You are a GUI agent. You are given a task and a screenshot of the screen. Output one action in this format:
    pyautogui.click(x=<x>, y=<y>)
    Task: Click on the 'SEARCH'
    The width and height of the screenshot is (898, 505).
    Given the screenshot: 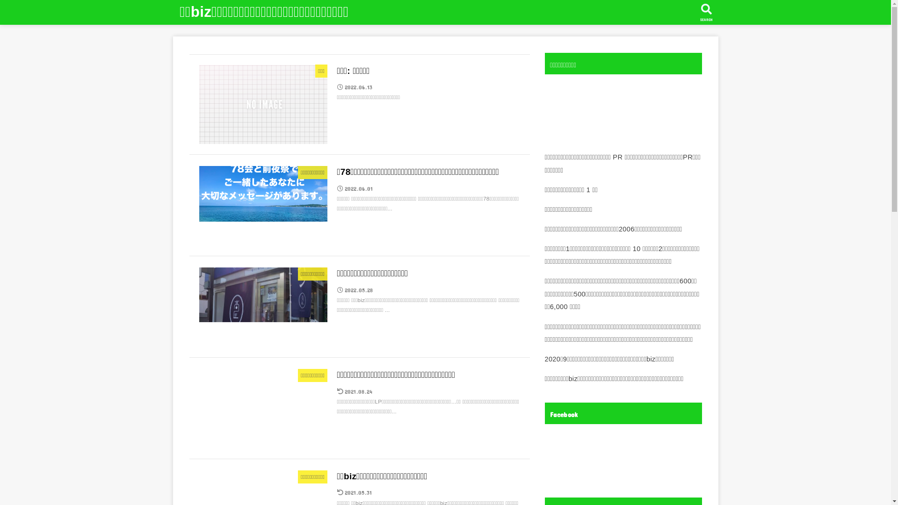 What is the action you would take?
    pyautogui.click(x=706, y=12)
    